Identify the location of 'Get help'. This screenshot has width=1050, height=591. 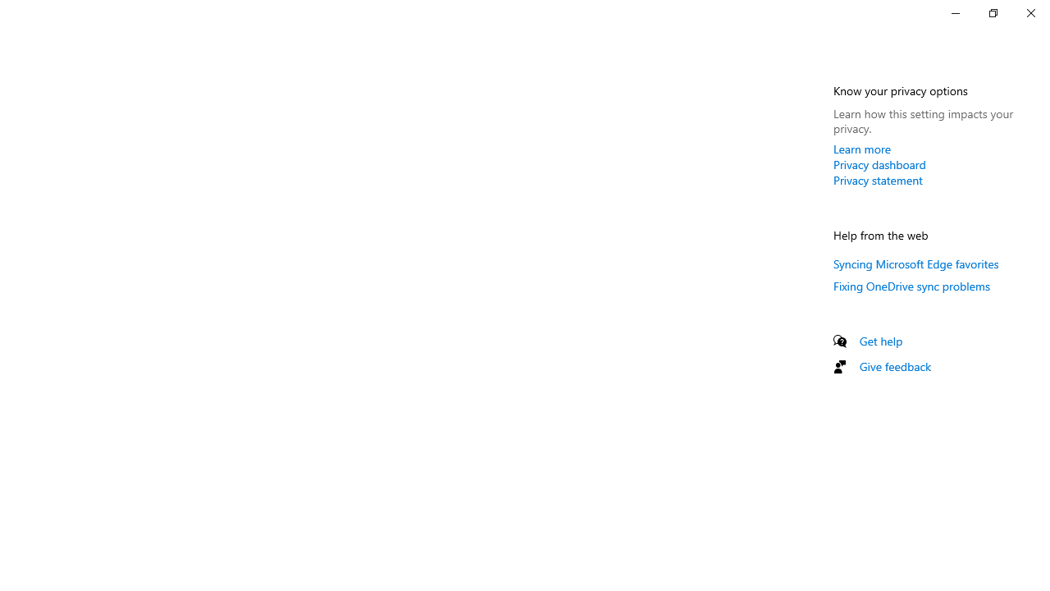
(880, 340).